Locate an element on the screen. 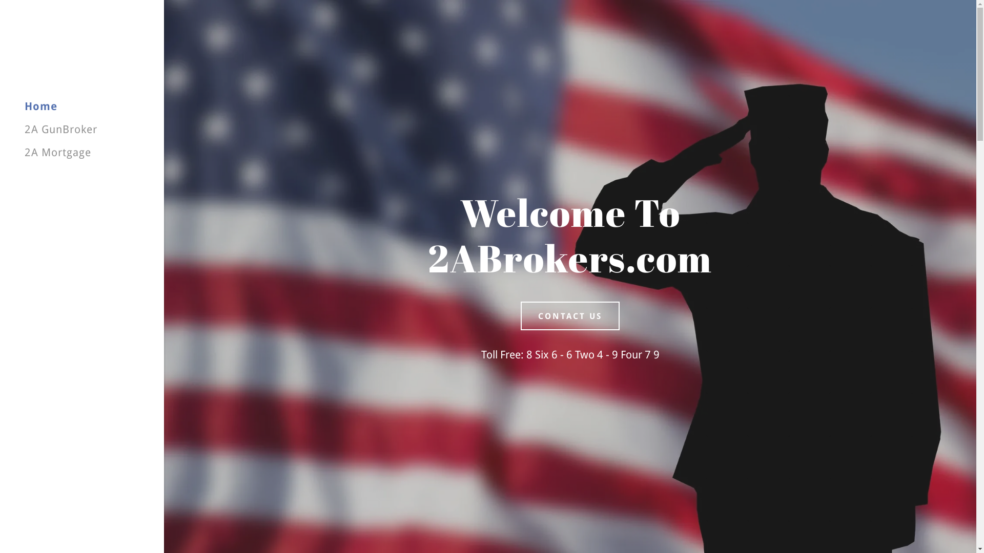 The height and width of the screenshot is (553, 984). '2A GunBroker' is located at coordinates (60, 129).